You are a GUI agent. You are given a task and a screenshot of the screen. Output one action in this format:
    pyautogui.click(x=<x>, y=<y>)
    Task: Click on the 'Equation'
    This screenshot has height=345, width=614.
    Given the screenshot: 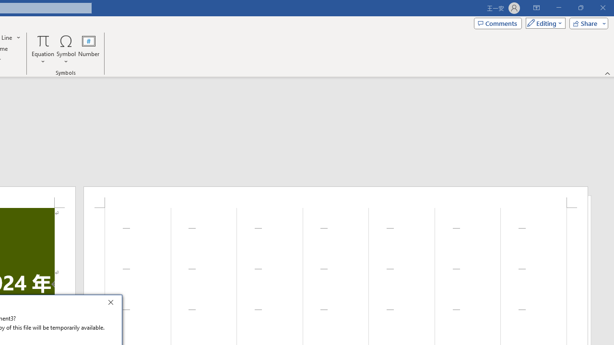 What is the action you would take?
    pyautogui.click(x=43, y=49)
    